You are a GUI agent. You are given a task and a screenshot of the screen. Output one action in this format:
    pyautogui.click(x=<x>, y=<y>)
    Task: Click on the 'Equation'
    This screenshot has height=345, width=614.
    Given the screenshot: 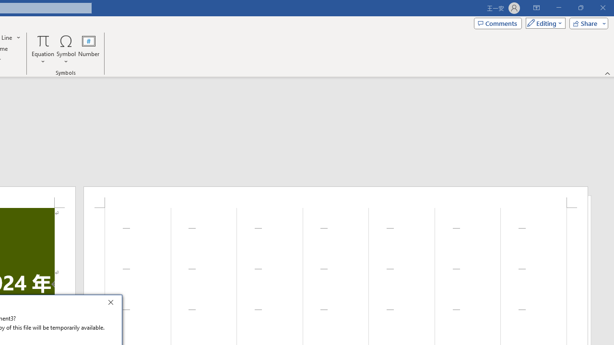 What is the action you would take?
    pyautogui.click(x=43, y=49)
    